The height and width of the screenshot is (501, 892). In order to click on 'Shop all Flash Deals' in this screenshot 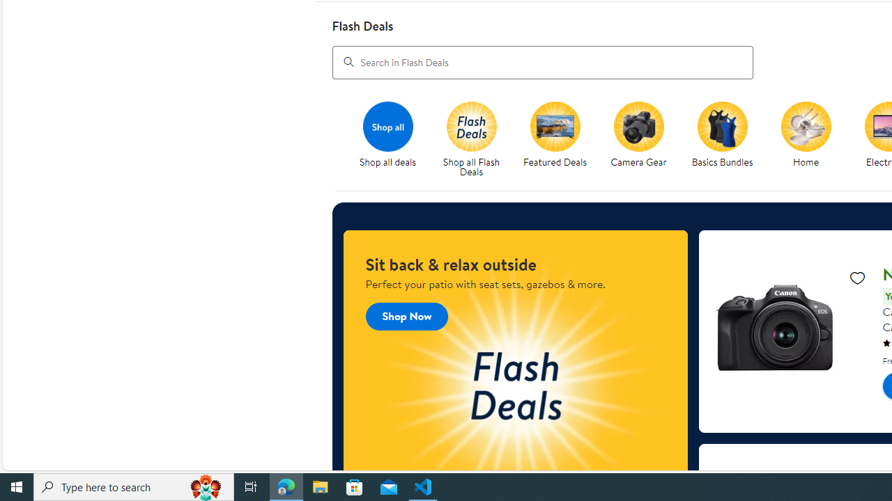, I will do `click(477, 140)`.